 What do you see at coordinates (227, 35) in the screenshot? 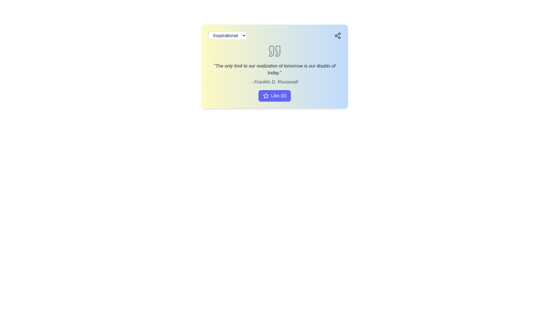
I see `the 'Inspirational' dropdown menu with a white background and gray border` at bounding box center [227, 35].